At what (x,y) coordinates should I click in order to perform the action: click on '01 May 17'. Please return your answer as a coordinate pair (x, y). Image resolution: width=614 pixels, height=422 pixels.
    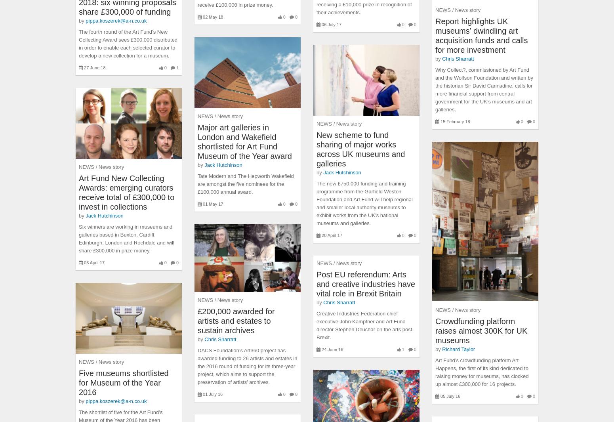
    Looking at the image, I should click on (212, 204).